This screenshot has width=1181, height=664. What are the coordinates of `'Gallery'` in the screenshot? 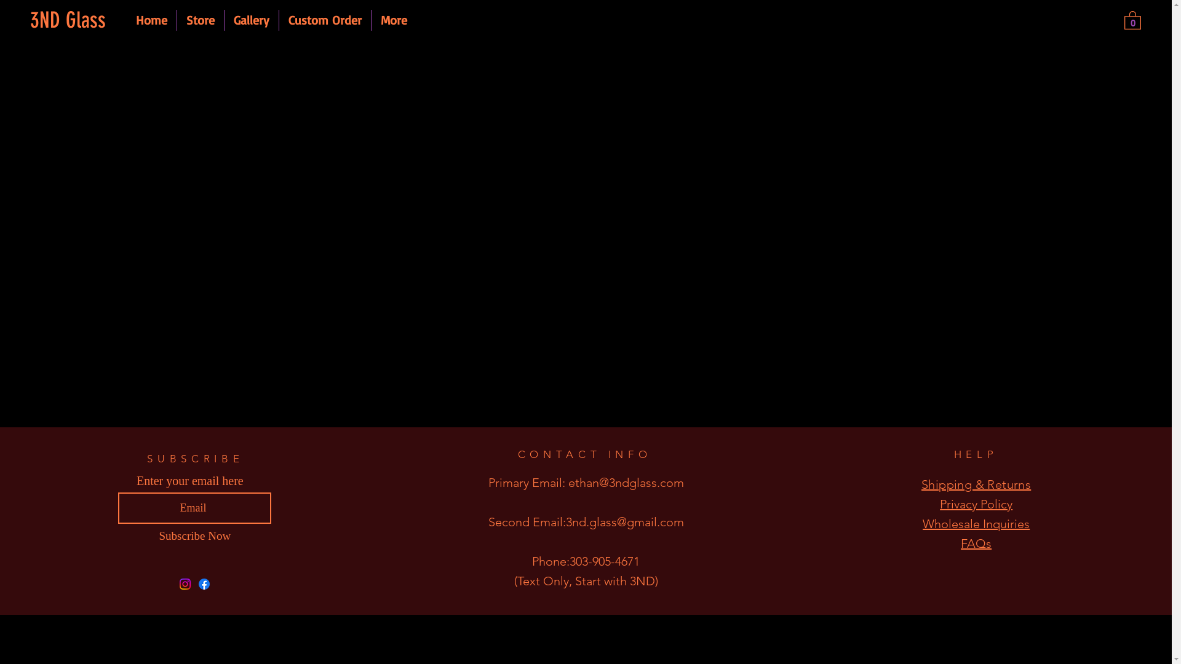 It's located at (250, 20).